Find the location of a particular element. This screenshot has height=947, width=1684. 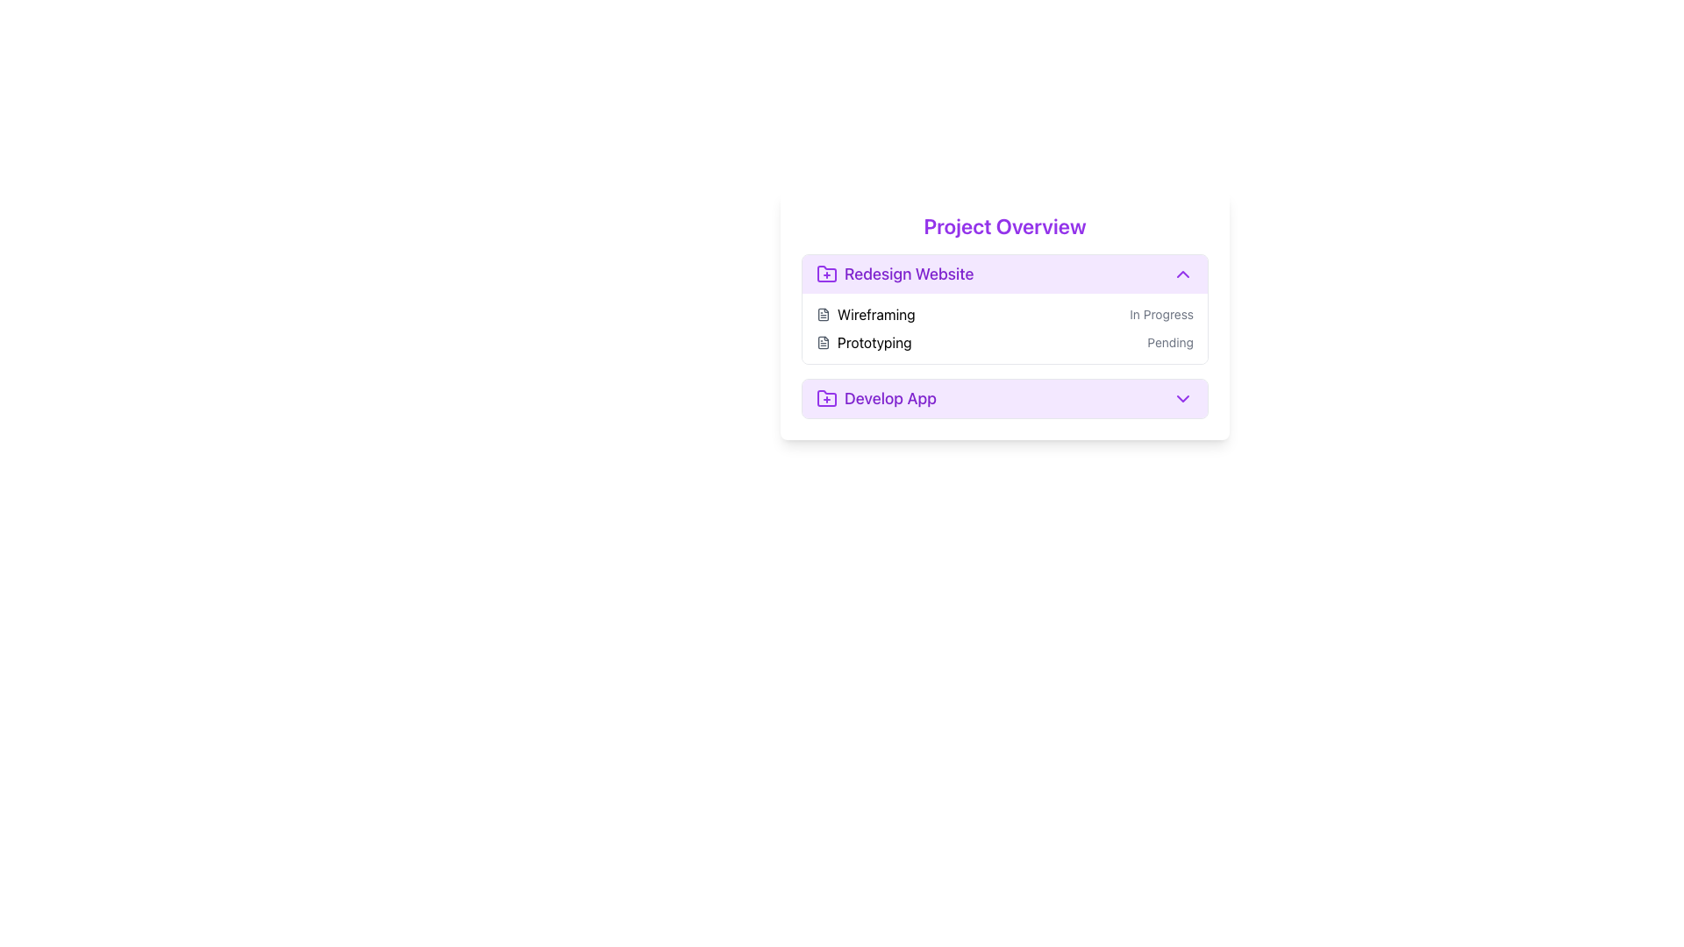

the 'Wireframing' text label is located at coordinates (866, 313).